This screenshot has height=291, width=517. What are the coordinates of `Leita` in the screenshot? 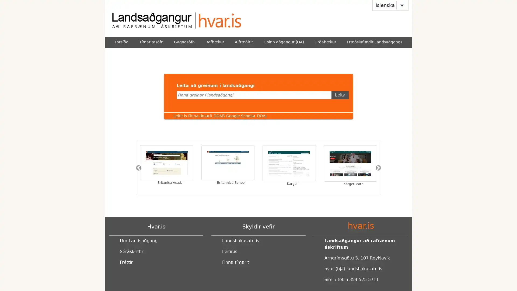 It's located at (340, 94).